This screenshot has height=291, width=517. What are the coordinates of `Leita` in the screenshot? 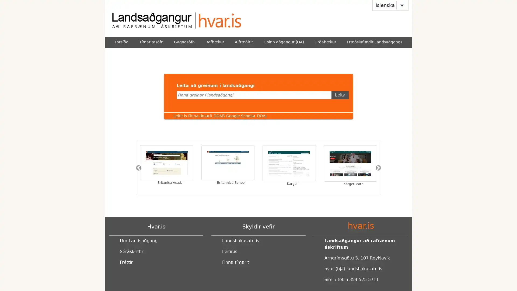 It's located at (340, 94).